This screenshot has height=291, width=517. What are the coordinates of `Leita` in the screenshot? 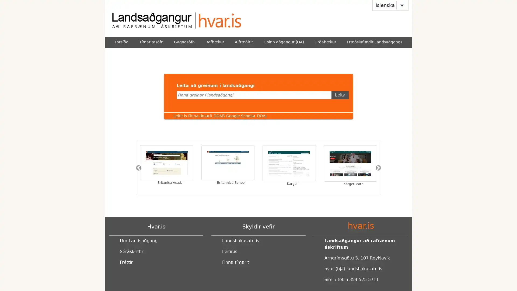 It's located at (340, 94).